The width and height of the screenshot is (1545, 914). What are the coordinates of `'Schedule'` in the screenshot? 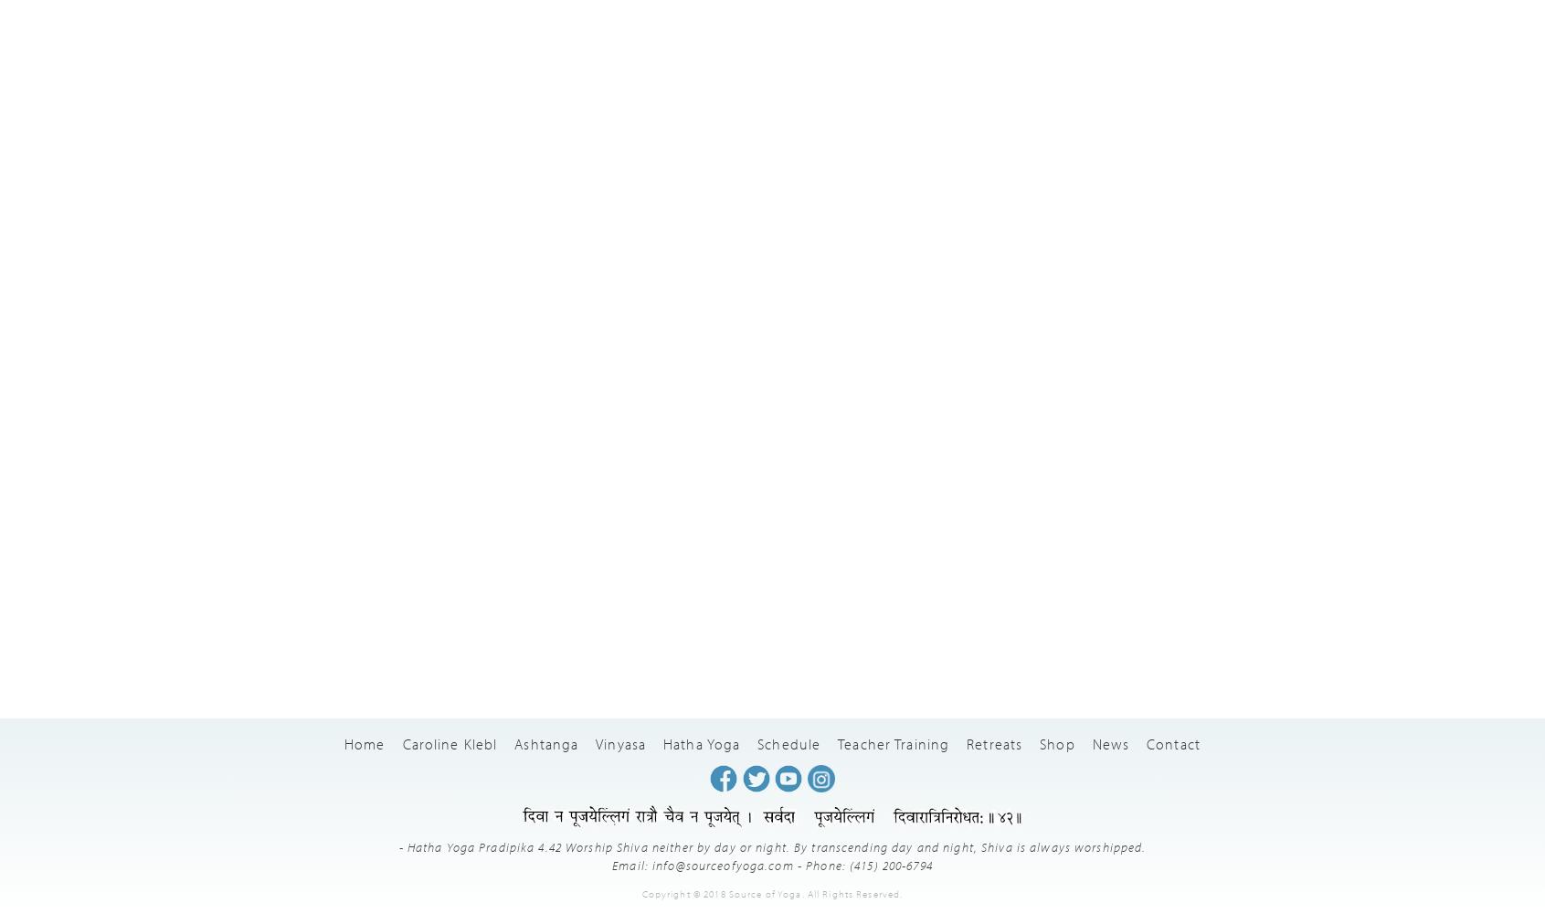 It's located at (788, 742).